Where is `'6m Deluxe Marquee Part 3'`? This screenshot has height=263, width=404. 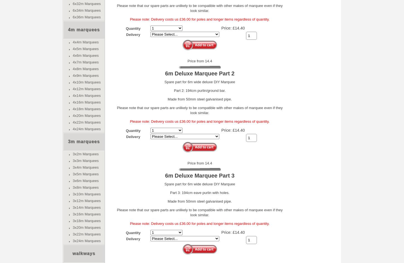 '6m Deluxe Marquee Part 3' is located at coordinates (199, 175).